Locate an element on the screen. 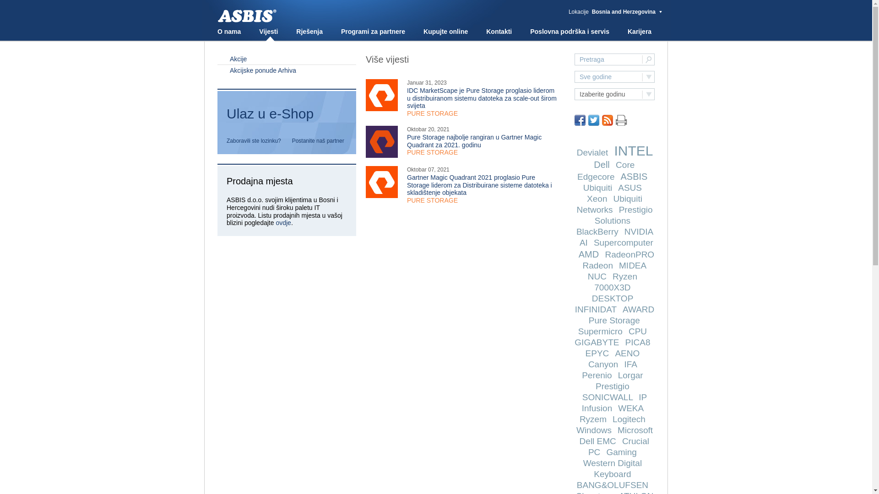 The height and width of the screenshot is (494, 879). 'AWARD' is located at coordinates (638, 309).